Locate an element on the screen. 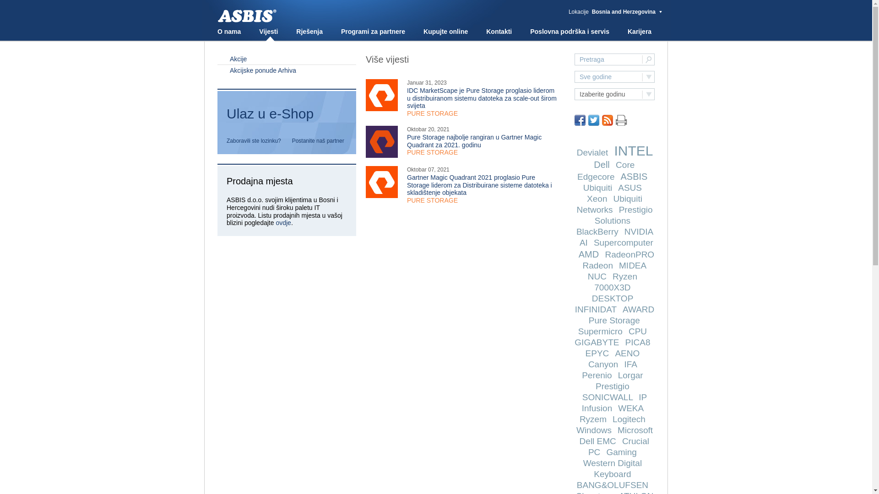 The height and width of the screenshot is (494, 879). 'AWARD' is located at coordinates (638, 309).